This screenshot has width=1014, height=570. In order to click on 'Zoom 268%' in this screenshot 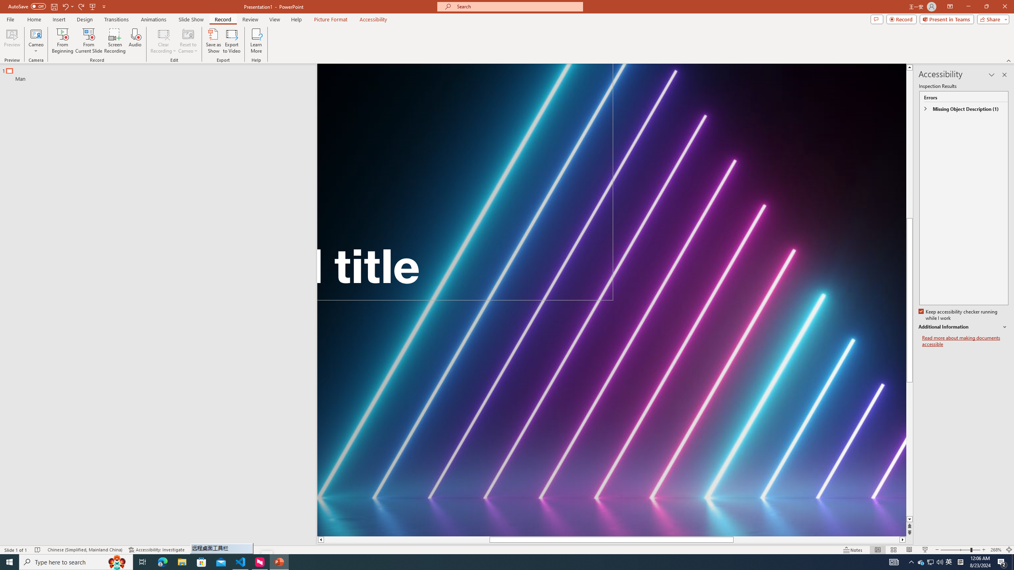, I will do `click(996, 550)`.